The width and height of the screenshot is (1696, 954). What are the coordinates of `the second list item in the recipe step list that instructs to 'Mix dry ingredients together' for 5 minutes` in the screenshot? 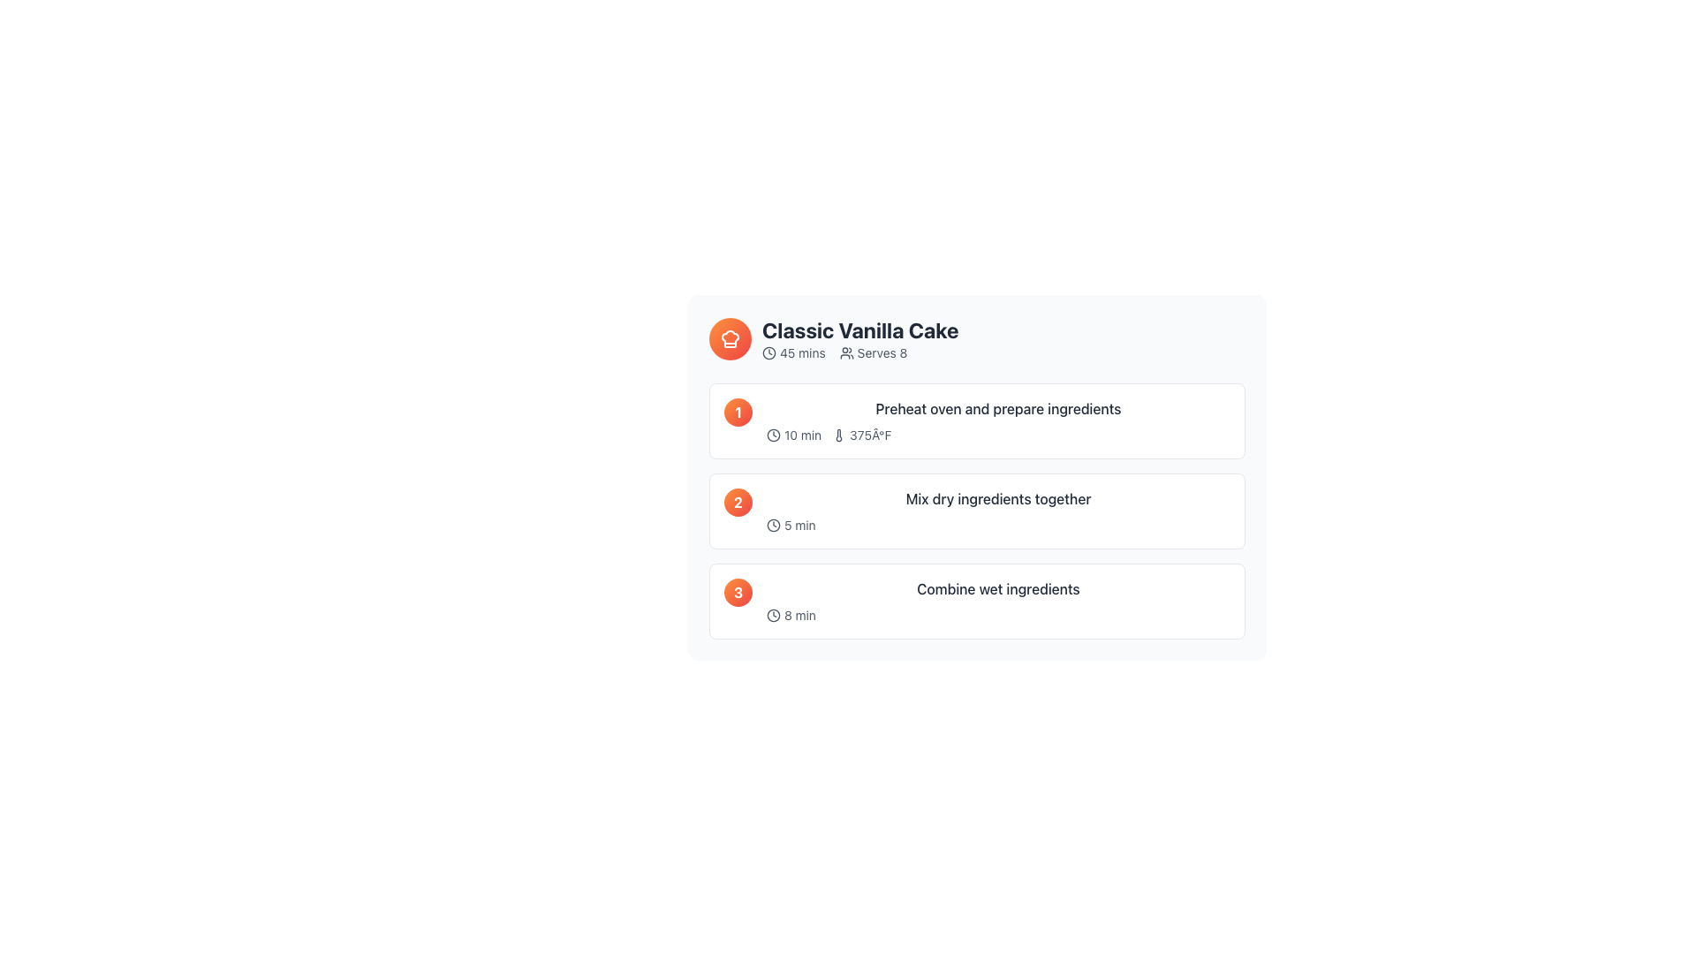 It's located at (976, 511).